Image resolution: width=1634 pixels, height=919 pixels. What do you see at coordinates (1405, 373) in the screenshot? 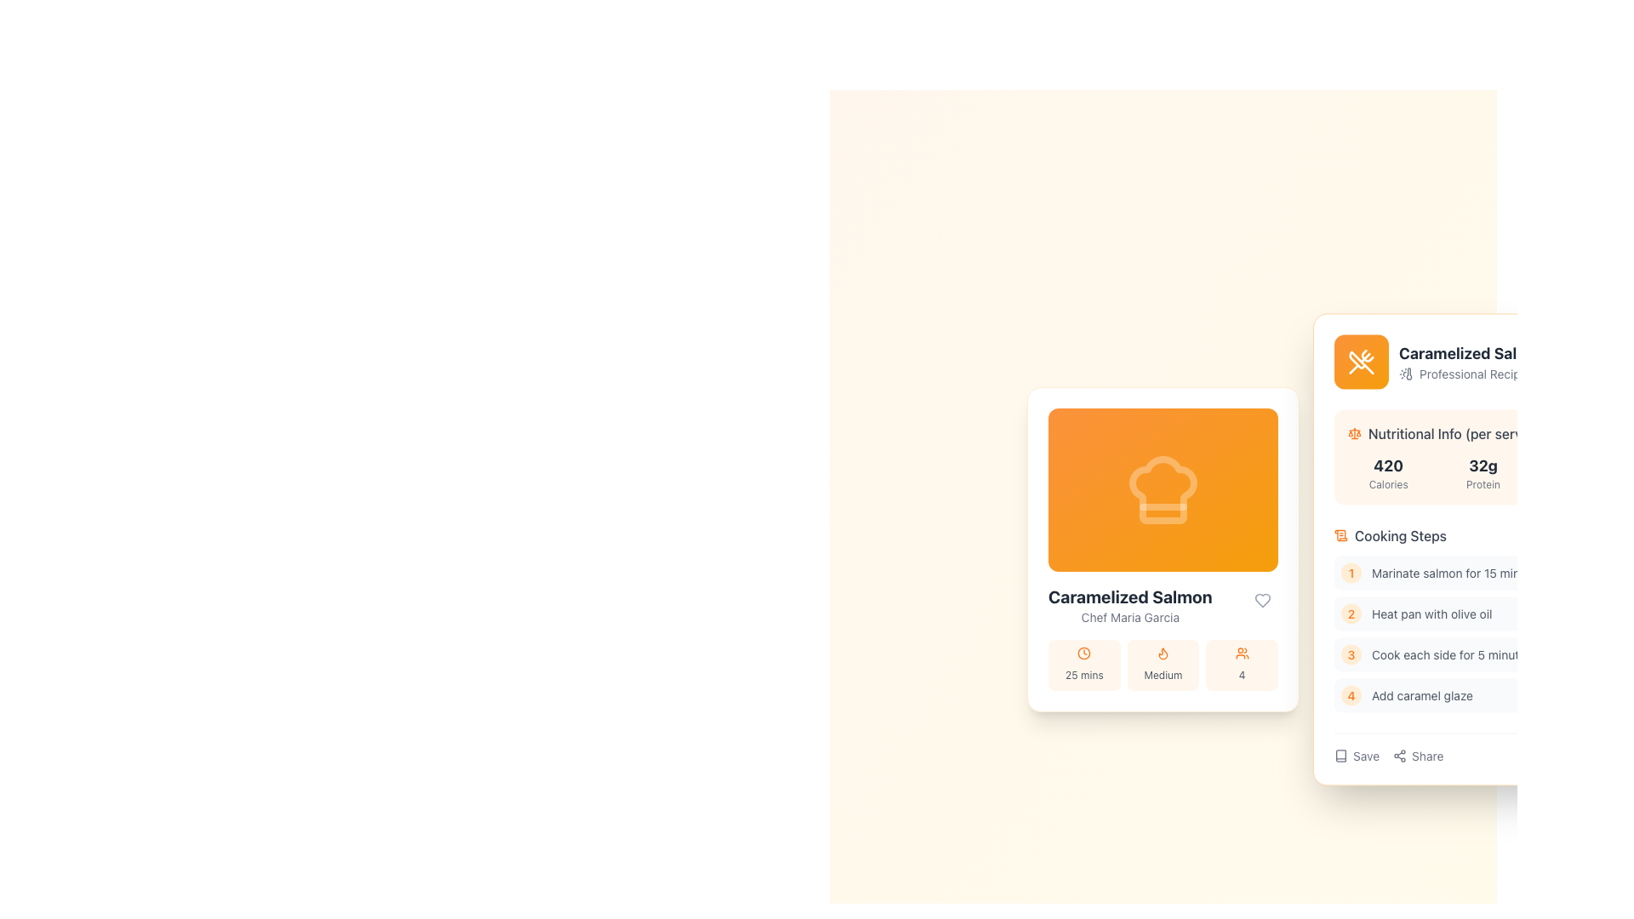
I see `the temperature icon located to the left of the 'Professional Recipe' text in the recipe card section` at bounding box center [1405, 373].